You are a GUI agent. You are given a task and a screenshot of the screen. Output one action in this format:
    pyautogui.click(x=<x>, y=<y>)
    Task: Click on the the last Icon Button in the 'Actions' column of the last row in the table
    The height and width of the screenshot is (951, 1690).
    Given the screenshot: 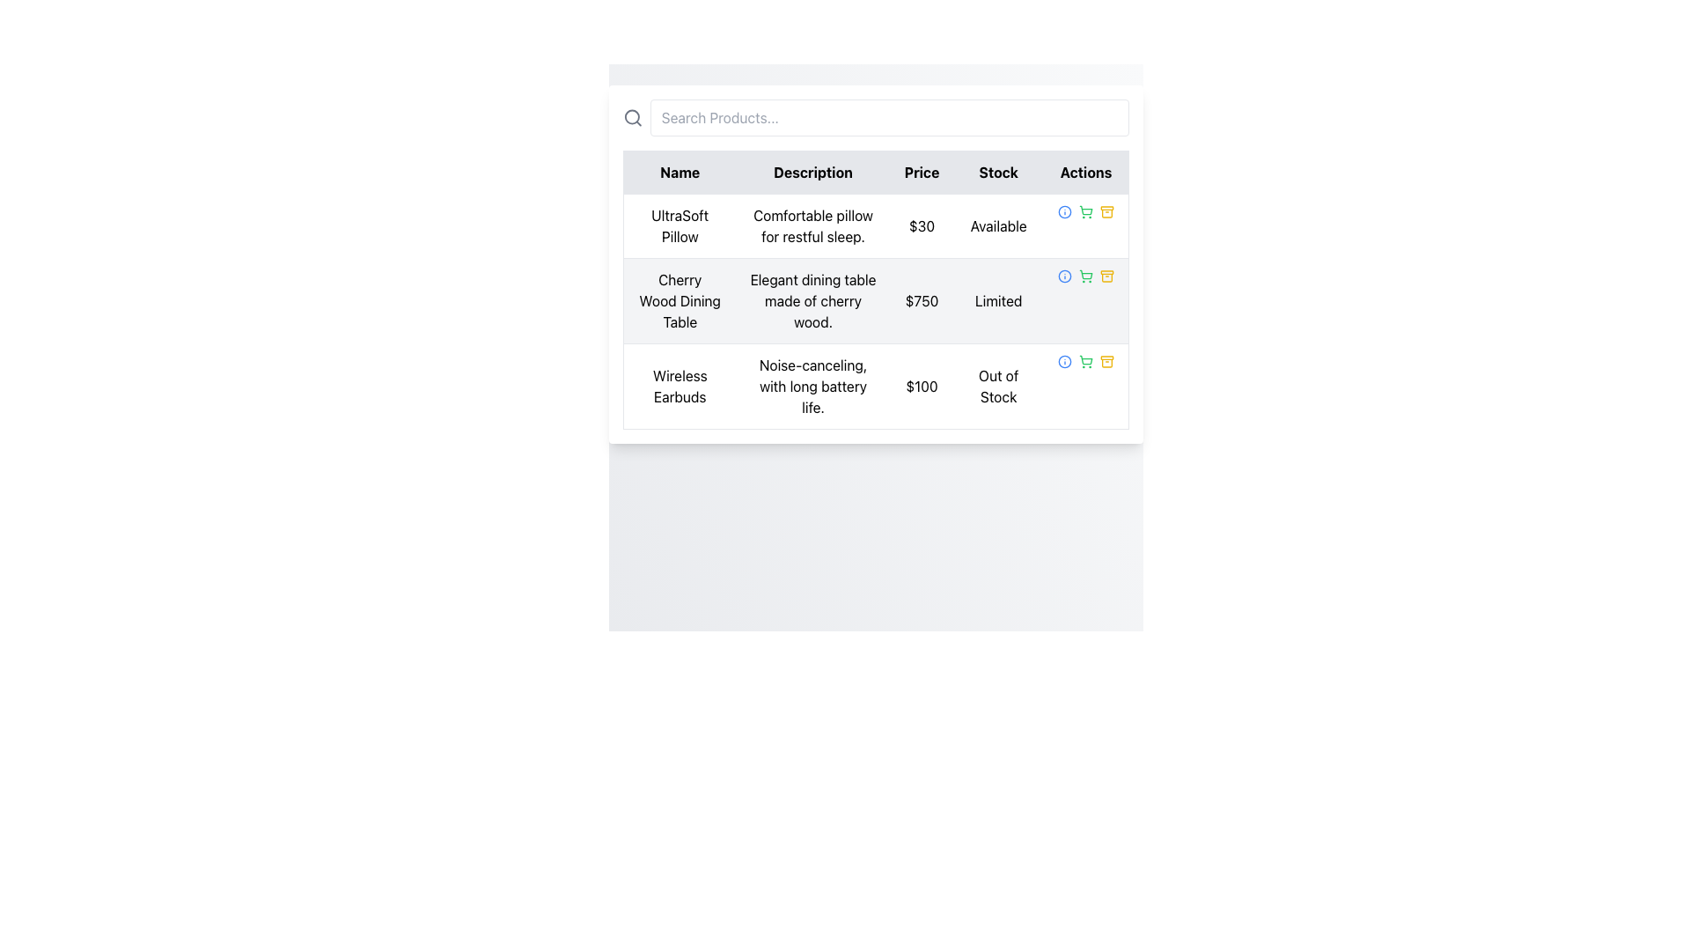 What is the action you would take?
    pyautogui.click(x=1106, y=361)
    